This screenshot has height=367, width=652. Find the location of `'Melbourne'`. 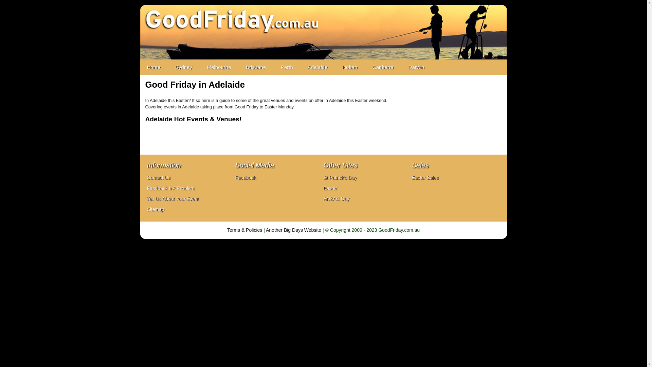

'Melbourne' is located at coordinates (200, 67).